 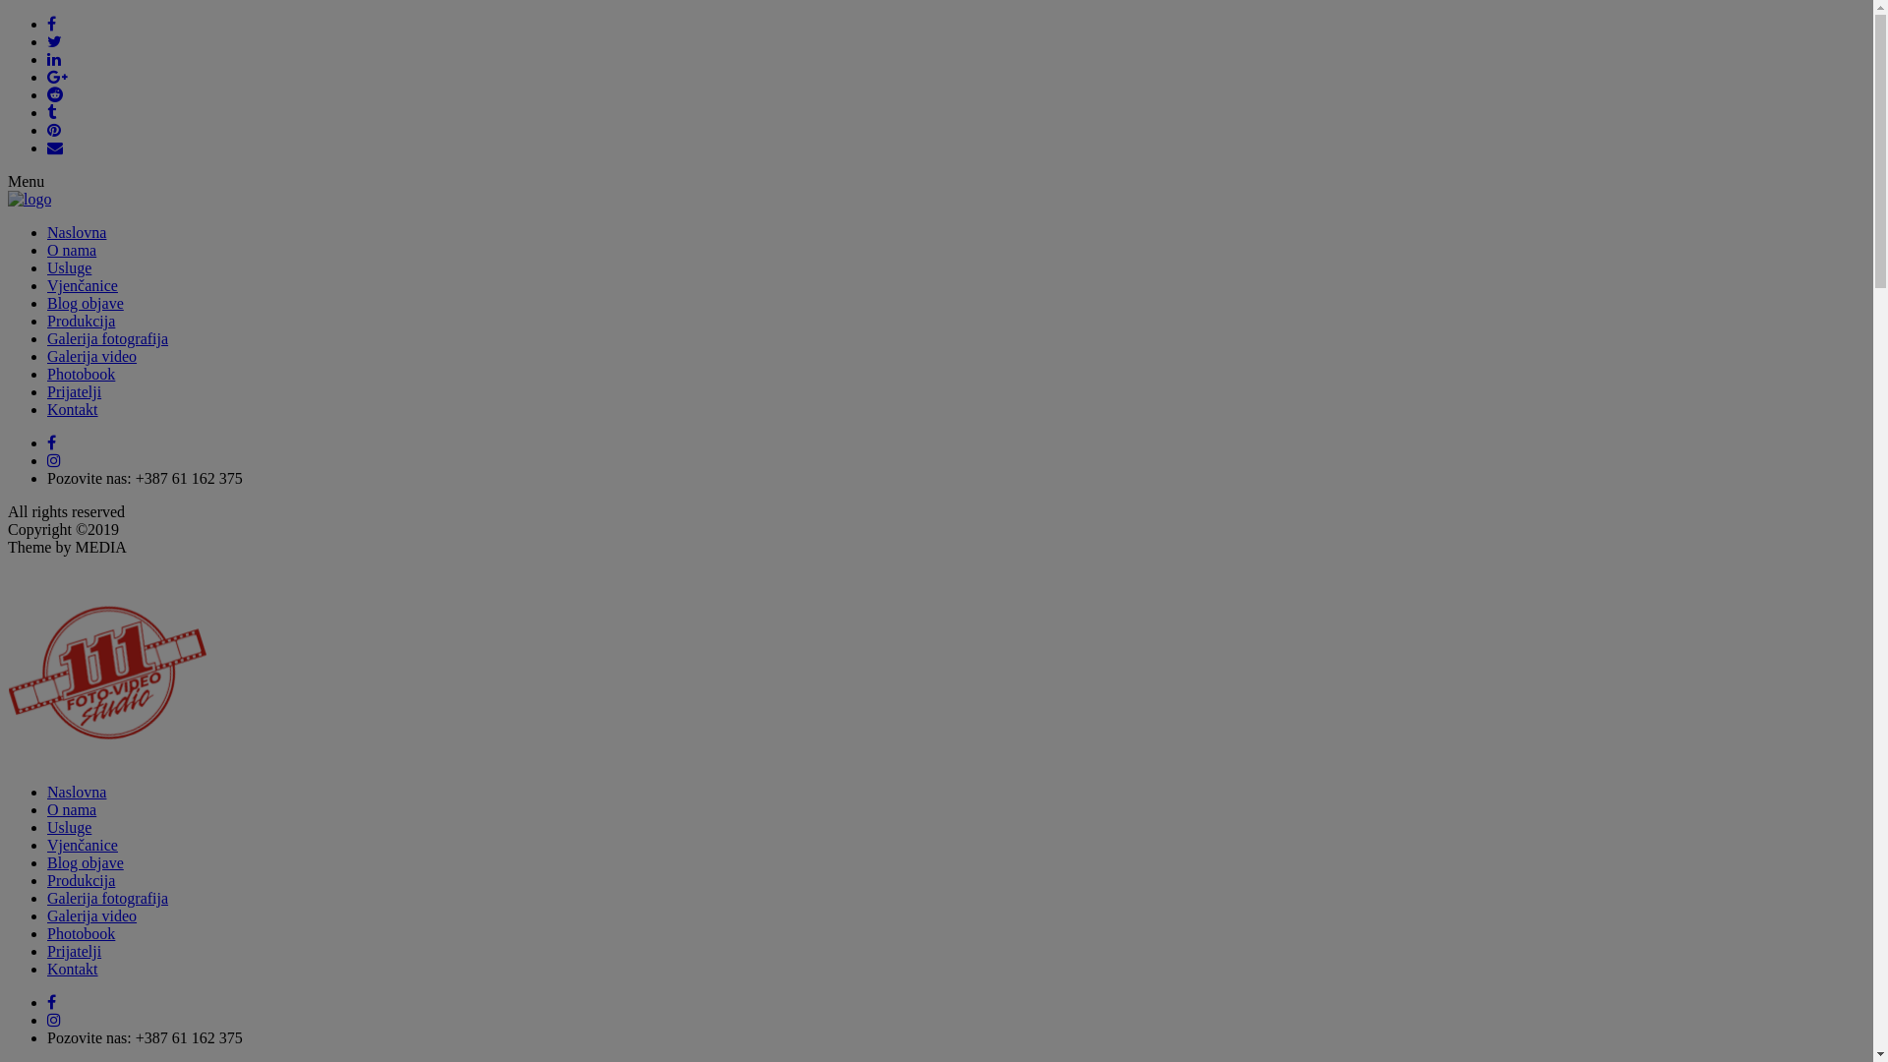 I want to click on 'Kontakt', so click(x=72, y=968).